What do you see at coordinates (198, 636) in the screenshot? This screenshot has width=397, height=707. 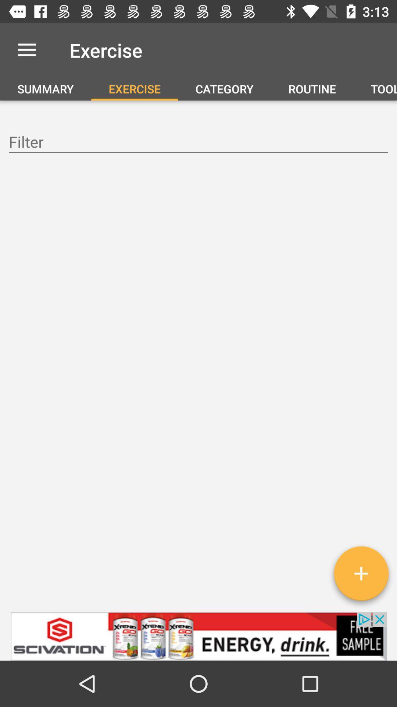 I see `visit advertiser` at bounding box center [198, 636].